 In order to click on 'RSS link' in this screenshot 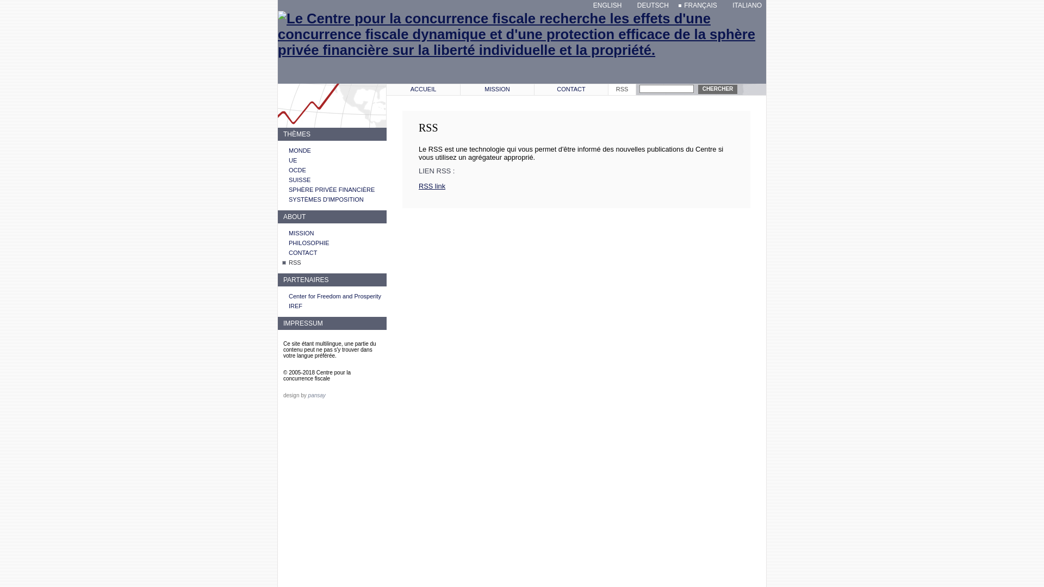, I will do `click(431, 185)`.